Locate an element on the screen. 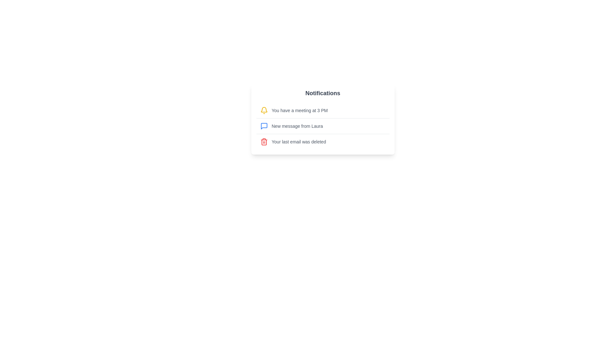 This screenshot has width=614, height=345. text from the heading element located at the top of the notification card, which serves as the title for the section is located at coordinates (323, 93).